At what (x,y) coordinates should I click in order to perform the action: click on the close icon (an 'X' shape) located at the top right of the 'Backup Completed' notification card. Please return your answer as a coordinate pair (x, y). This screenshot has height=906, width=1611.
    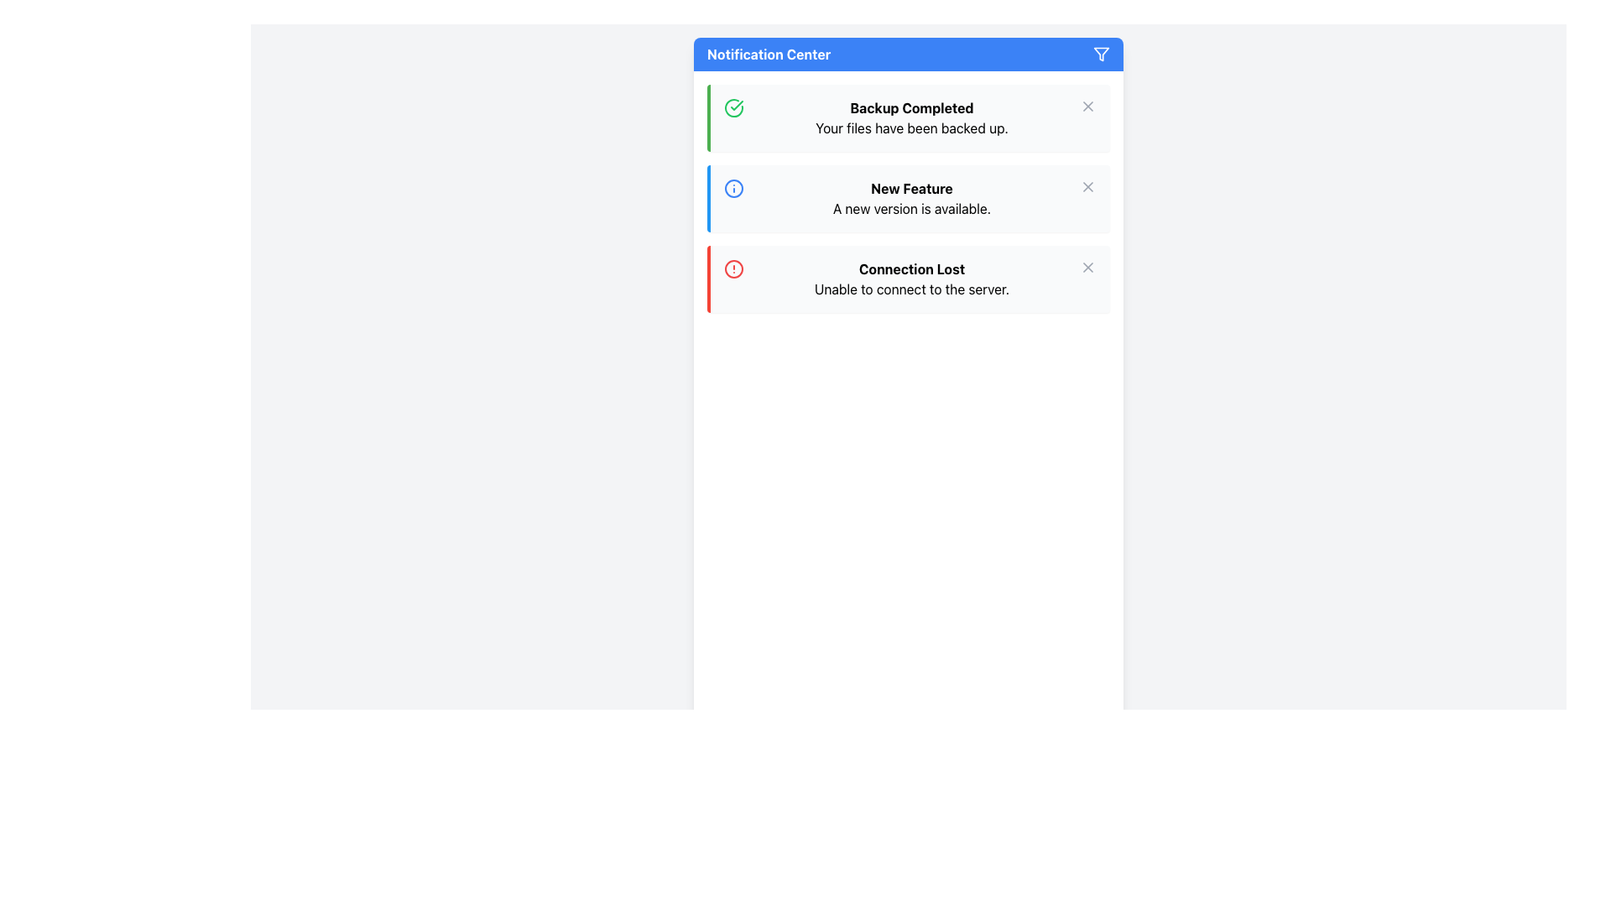
    Looking at the image, I should click on (1087, 107).